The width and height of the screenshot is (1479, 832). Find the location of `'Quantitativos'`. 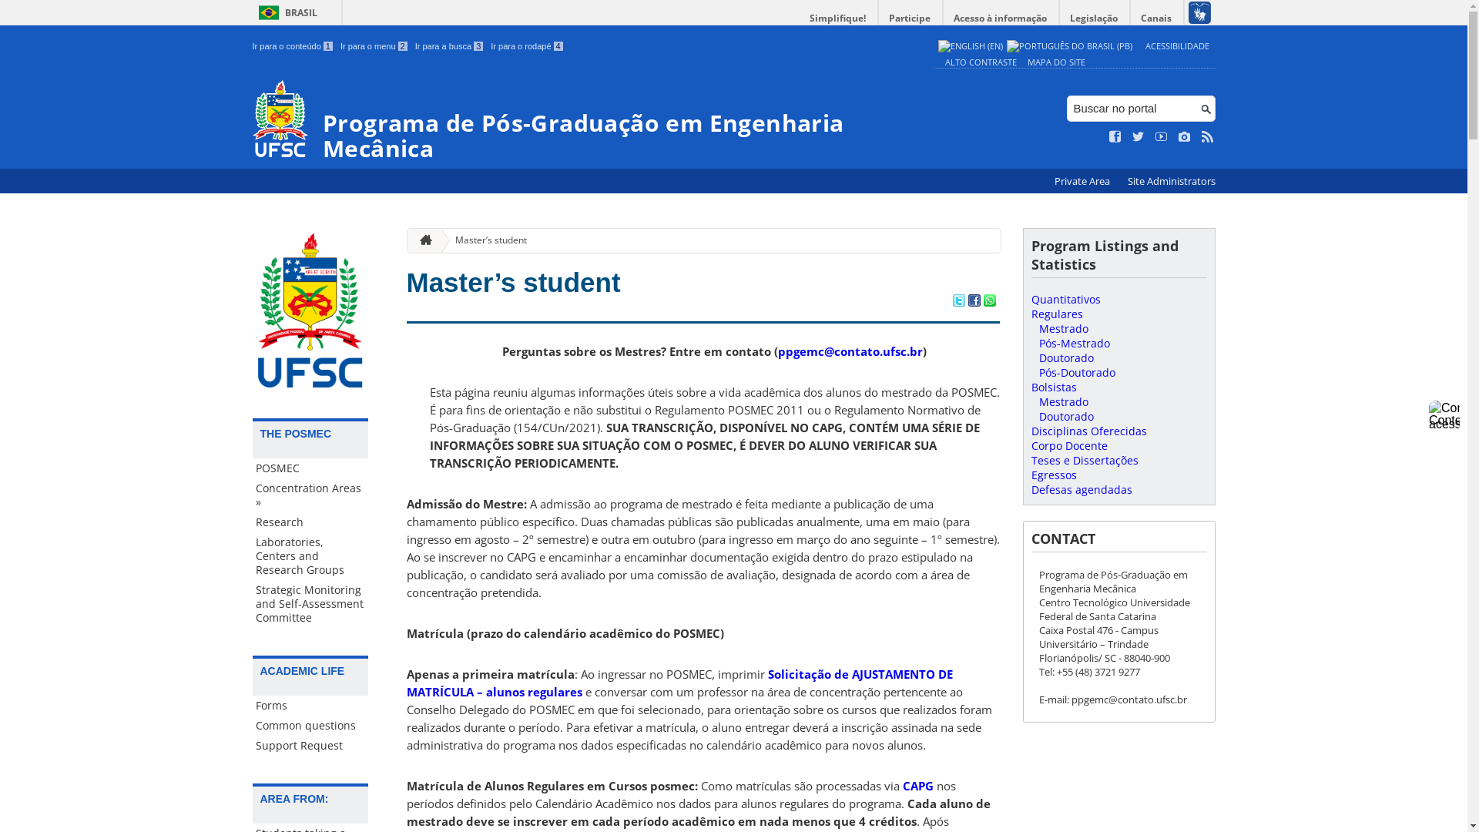

'Quantitativos' is located at coordinates (1064, 299).